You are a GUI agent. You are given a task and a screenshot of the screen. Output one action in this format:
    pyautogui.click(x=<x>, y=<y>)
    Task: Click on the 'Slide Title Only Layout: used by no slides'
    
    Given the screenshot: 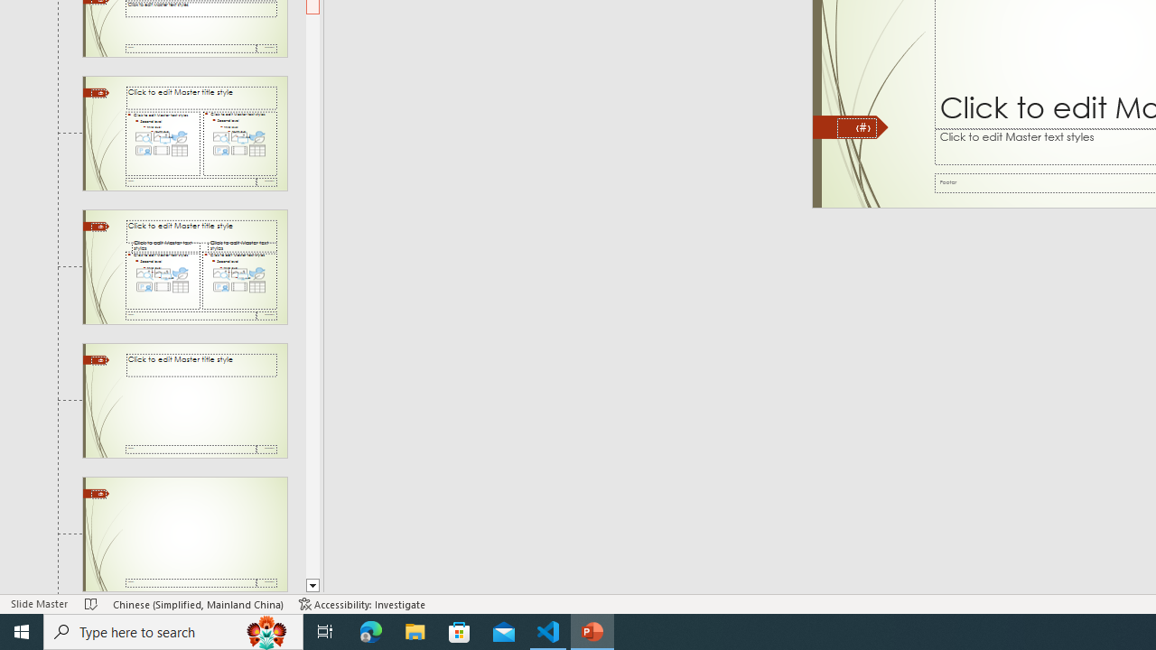 What is the action you would take?
    pyautogui.click(x=184, y=399)
    